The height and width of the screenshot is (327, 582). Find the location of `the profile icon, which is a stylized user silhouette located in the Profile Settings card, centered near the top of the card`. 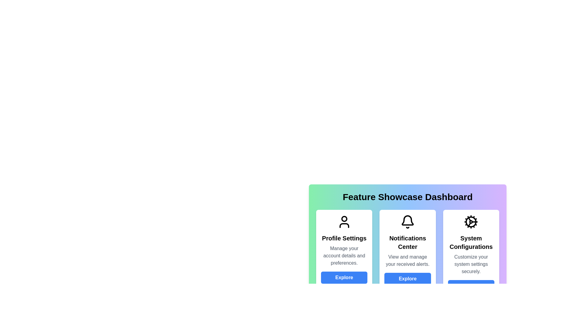

the profile icon, which is a stylized user silhouette located in the Profile Settings card, centered near the top of the card is located at coordinates (344, 222).